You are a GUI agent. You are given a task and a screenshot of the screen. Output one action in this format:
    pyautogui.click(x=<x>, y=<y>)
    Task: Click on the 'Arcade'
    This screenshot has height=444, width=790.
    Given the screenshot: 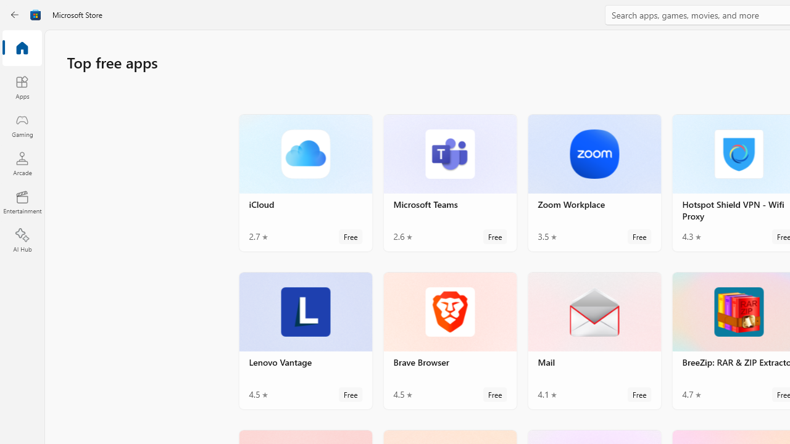 What is the action you would take?
    pyautogui.click(x=22, y=163)
    